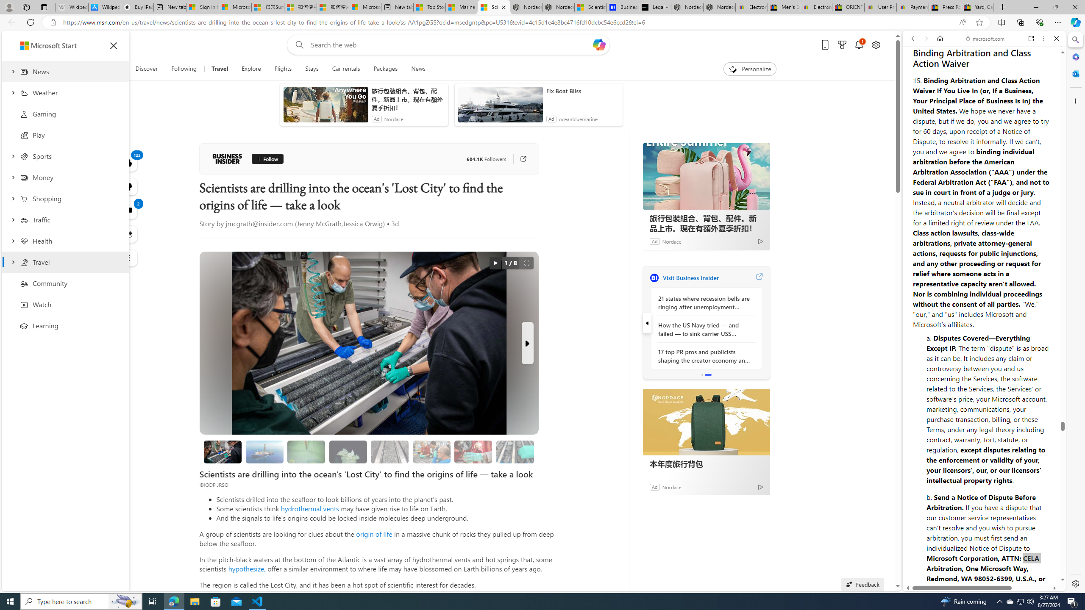 This screenshot has width=1085, height=610. What do you see at coordinates (527, 343) in the screenshot?
I see `'Next Slide'` at bounding box center [527, 343].